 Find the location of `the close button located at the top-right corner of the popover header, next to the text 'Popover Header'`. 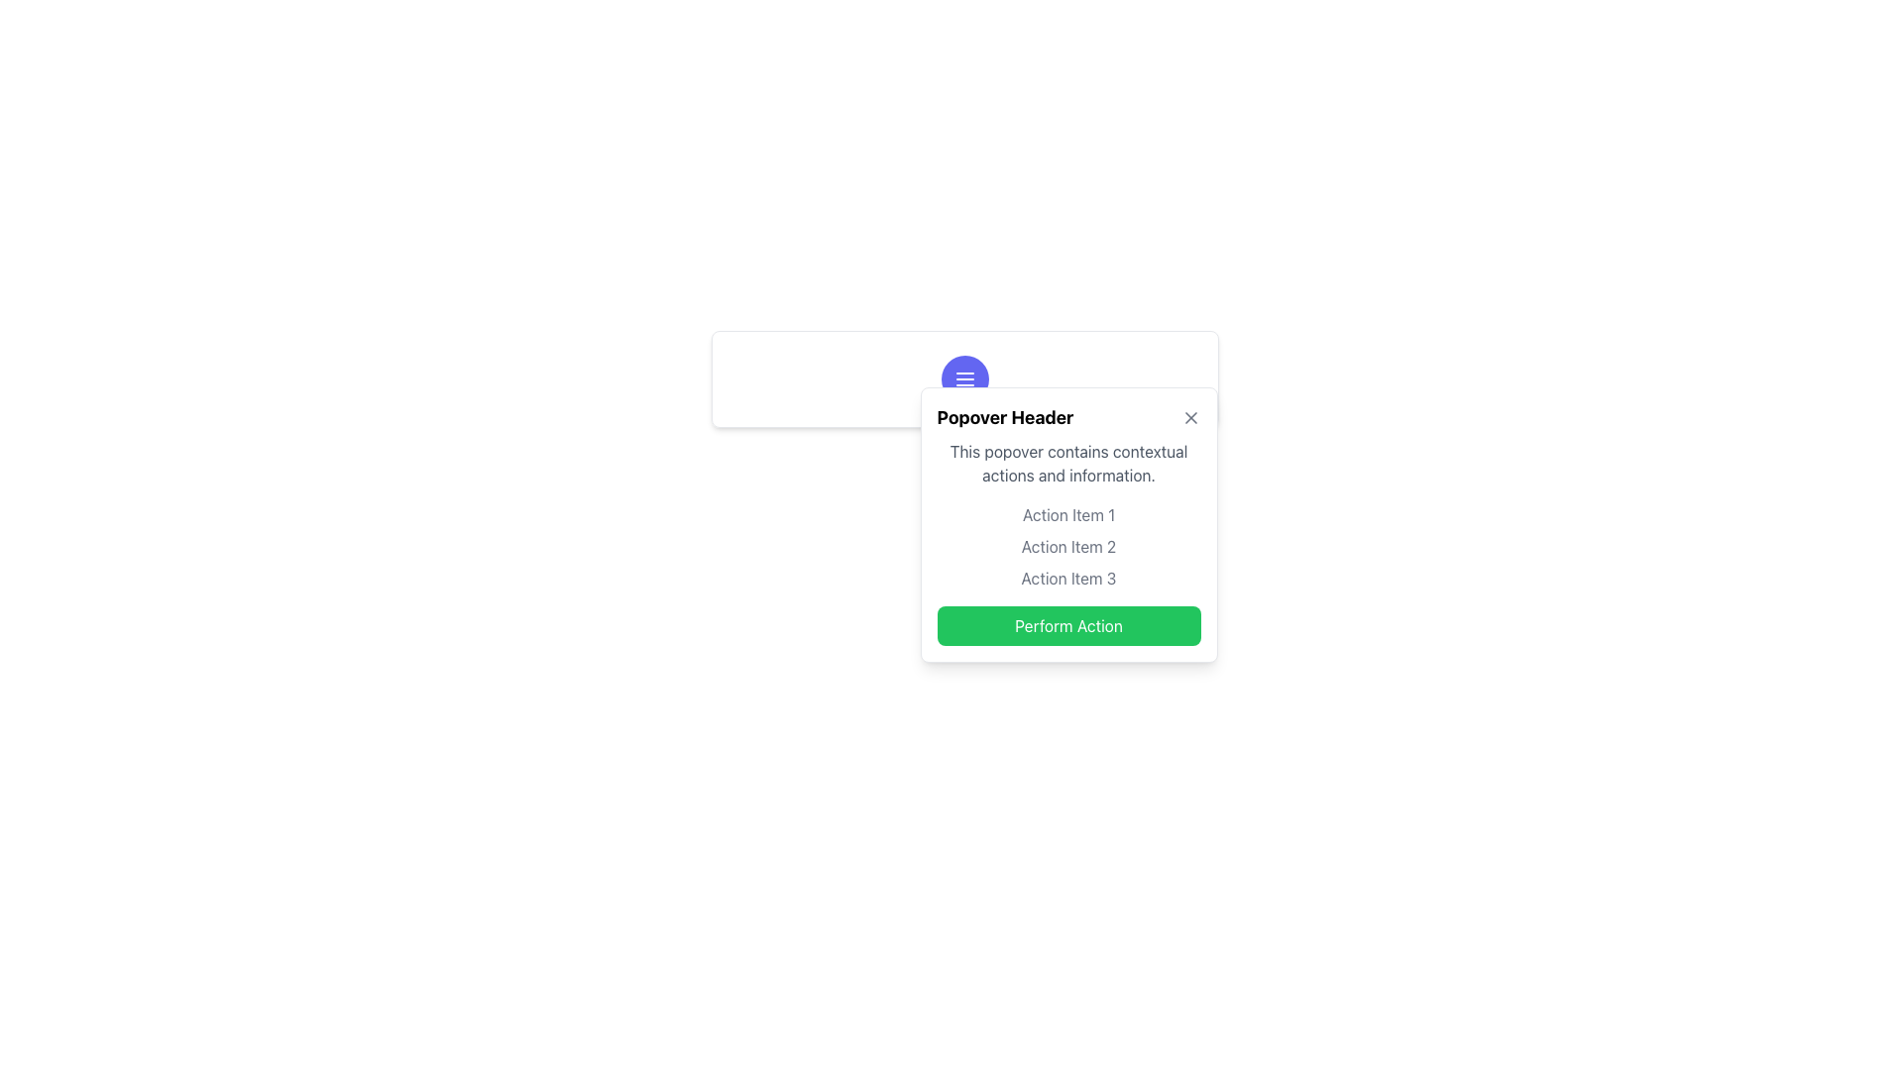

the close button located at the top-right corner of the popover header, next to the text 'Popover Header' is located at coordinates (1189, 416).